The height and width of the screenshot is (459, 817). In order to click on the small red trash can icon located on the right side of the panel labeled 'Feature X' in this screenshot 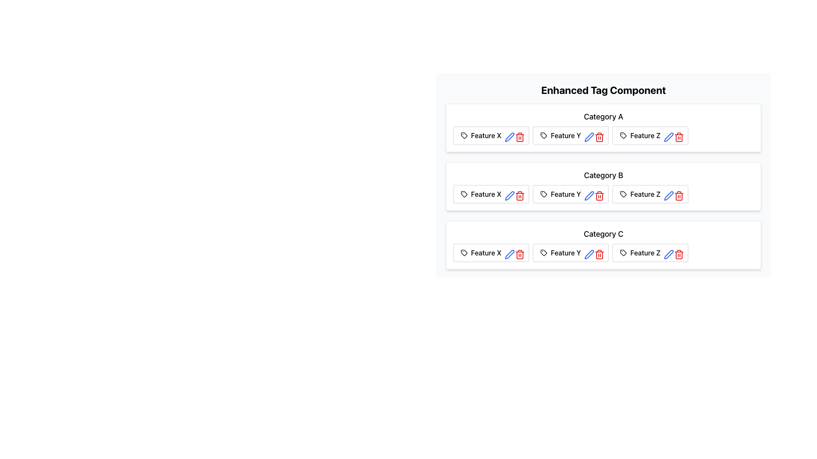, I will do `click(518, 252)`.